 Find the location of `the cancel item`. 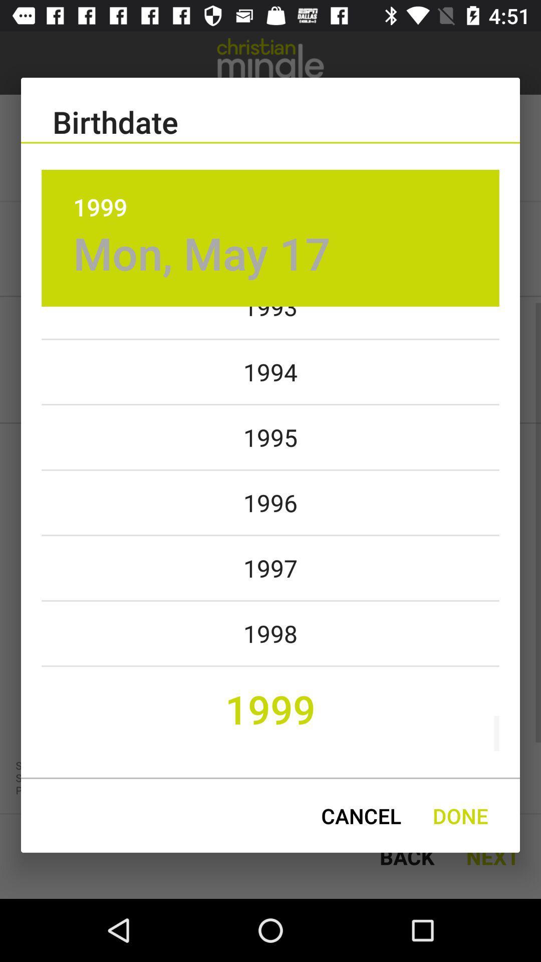

the cancel item is located at coordinates (361, 816).